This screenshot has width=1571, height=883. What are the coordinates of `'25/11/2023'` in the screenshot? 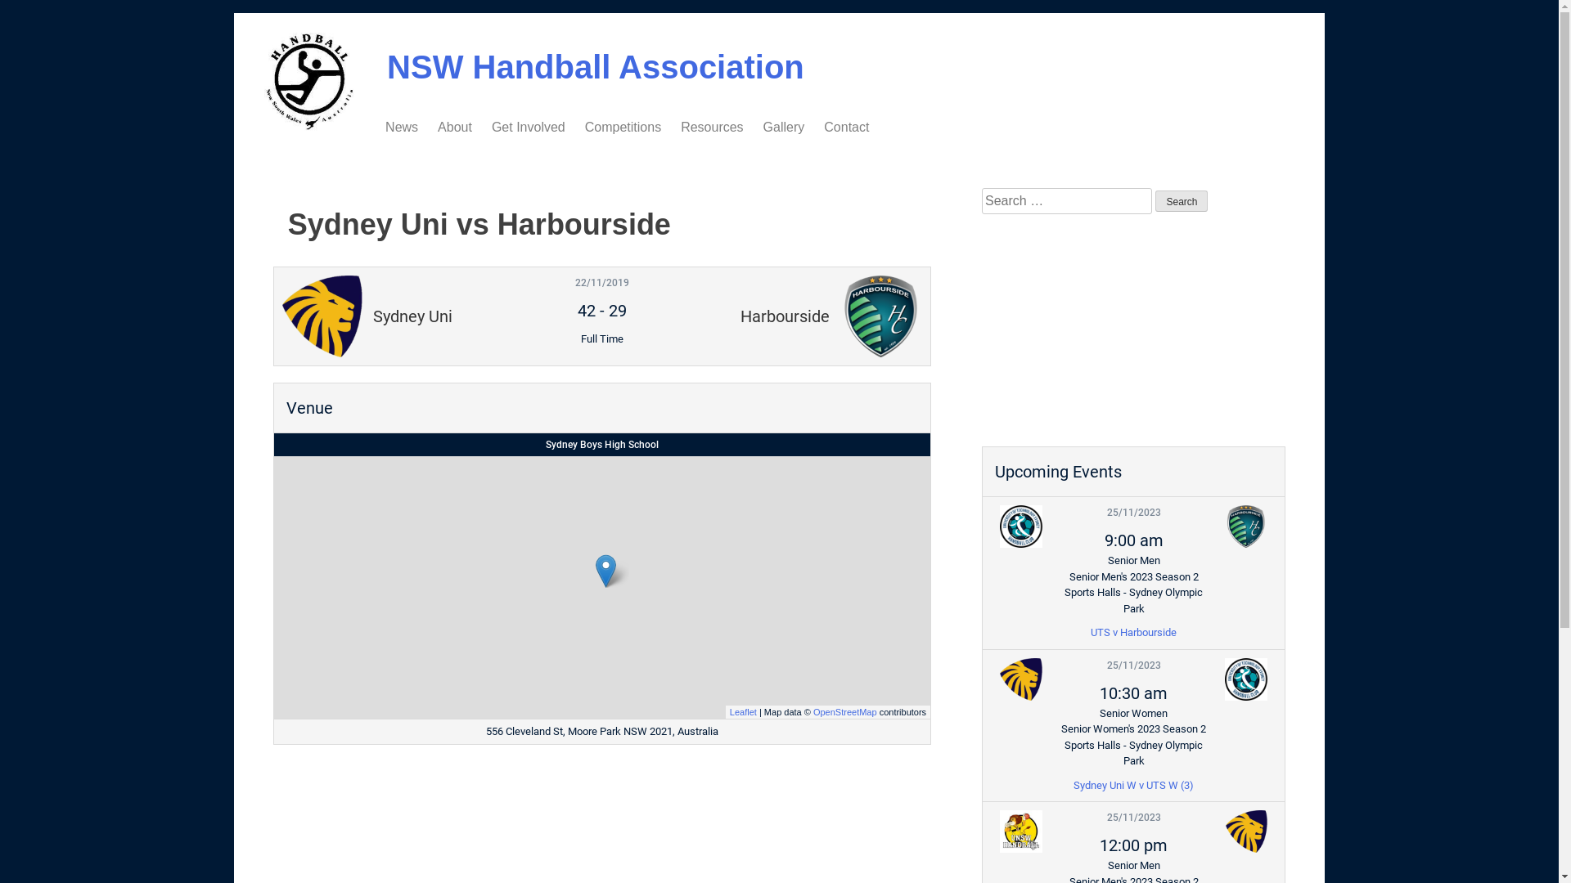 It's located at (1133, 512).